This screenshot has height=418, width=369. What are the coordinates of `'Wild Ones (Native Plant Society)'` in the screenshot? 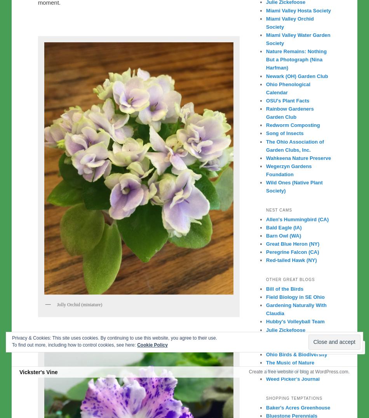 It's located at (294, 186).